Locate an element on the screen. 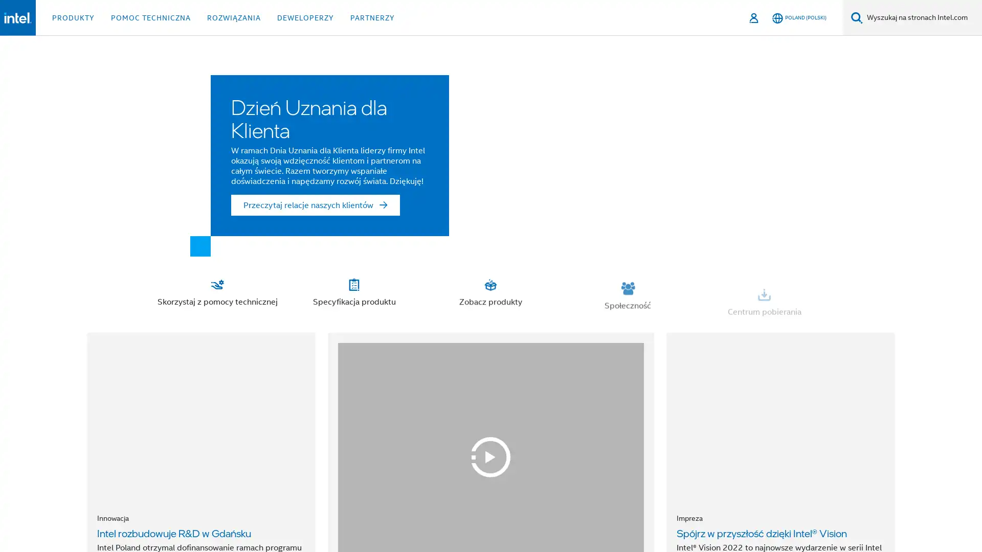  Zaloguj sie is located at coordinates (754, 17).